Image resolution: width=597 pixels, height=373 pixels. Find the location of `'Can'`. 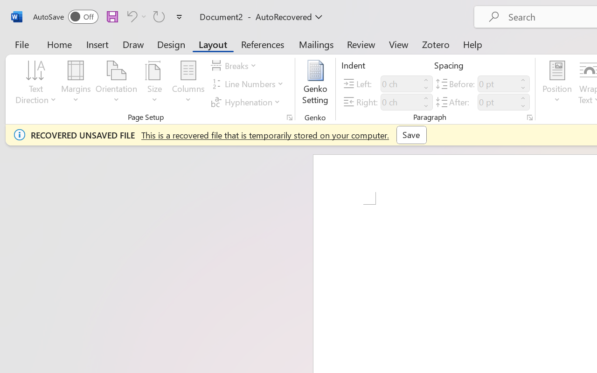

'Can' is located at coordinates (130, 16).